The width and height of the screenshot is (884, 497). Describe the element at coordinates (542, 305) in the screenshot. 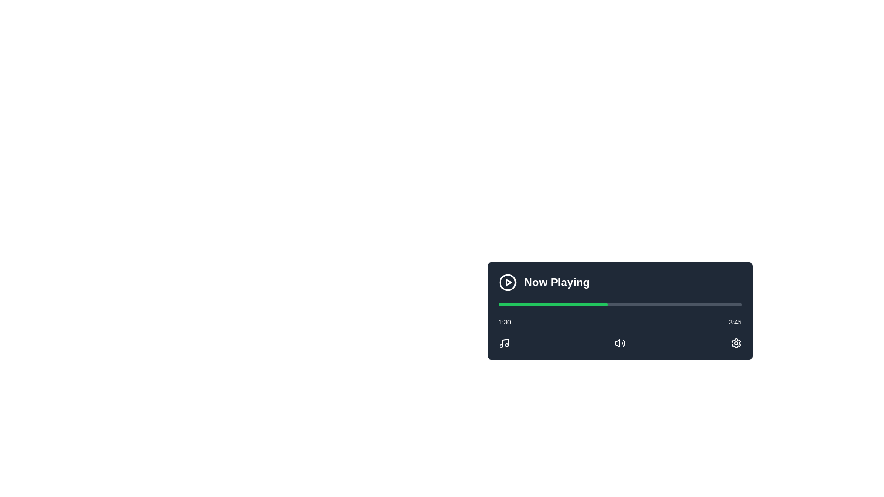

I see `playback position` at that location.